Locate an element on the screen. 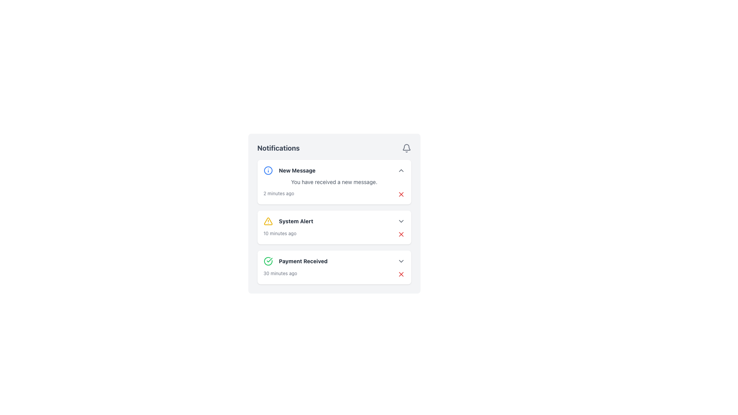 The height and width of the screenshot is (415, 738). the red 'X' Close icon in the top-right corner of the first notification card is located at coordinates (401, 194).